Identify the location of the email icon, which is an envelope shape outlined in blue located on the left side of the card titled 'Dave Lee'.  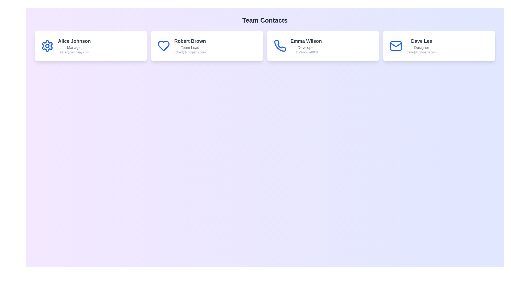
(396, 46).